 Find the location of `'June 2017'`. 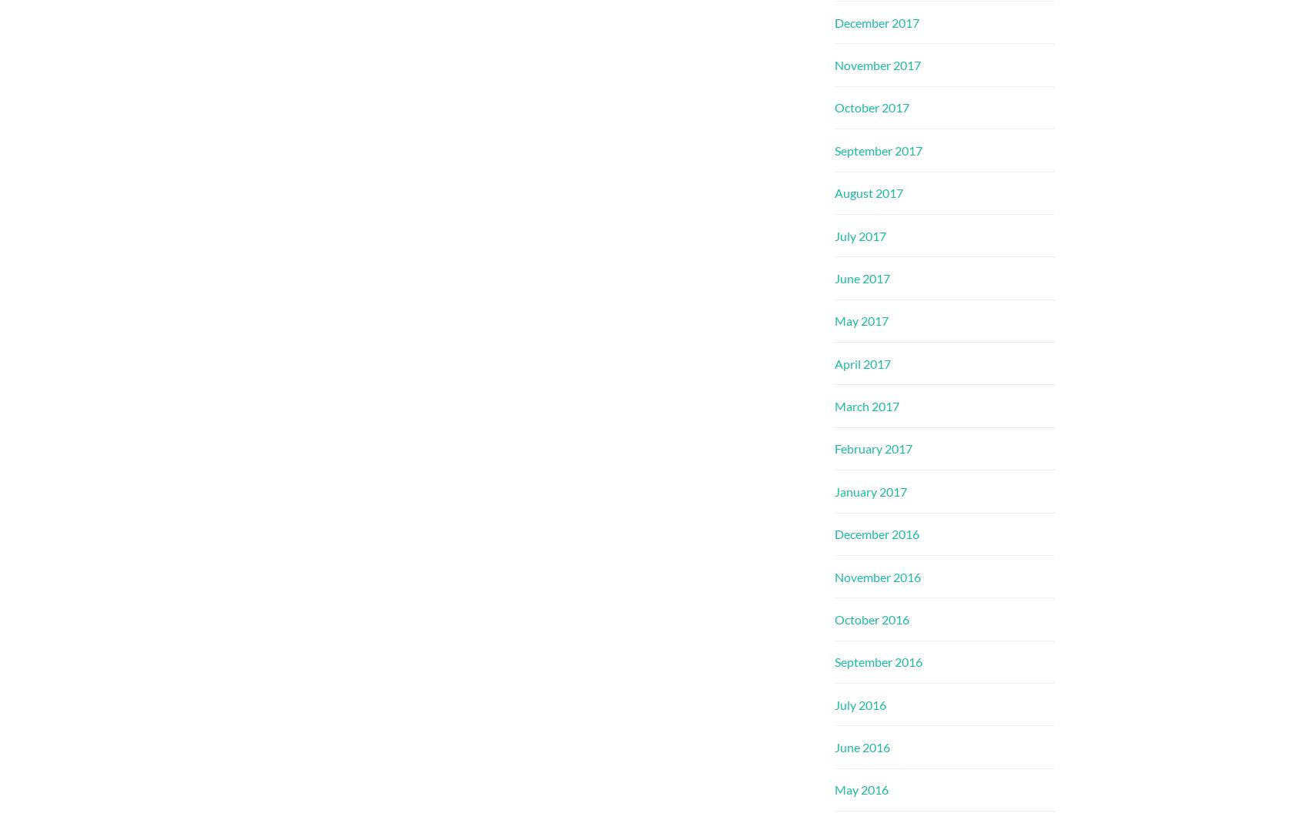

'June 2017' is located at coordinates (834, 276).